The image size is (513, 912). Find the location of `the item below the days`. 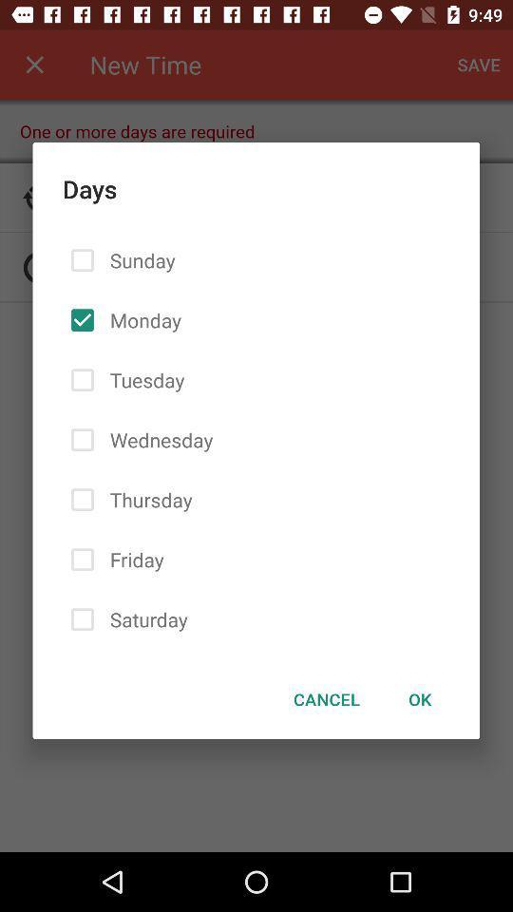

the item below the days is located at coordinates (326, 698).